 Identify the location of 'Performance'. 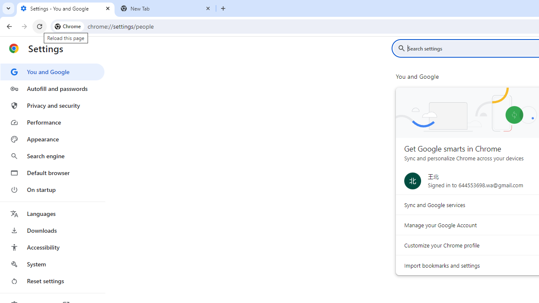
(52, 122).